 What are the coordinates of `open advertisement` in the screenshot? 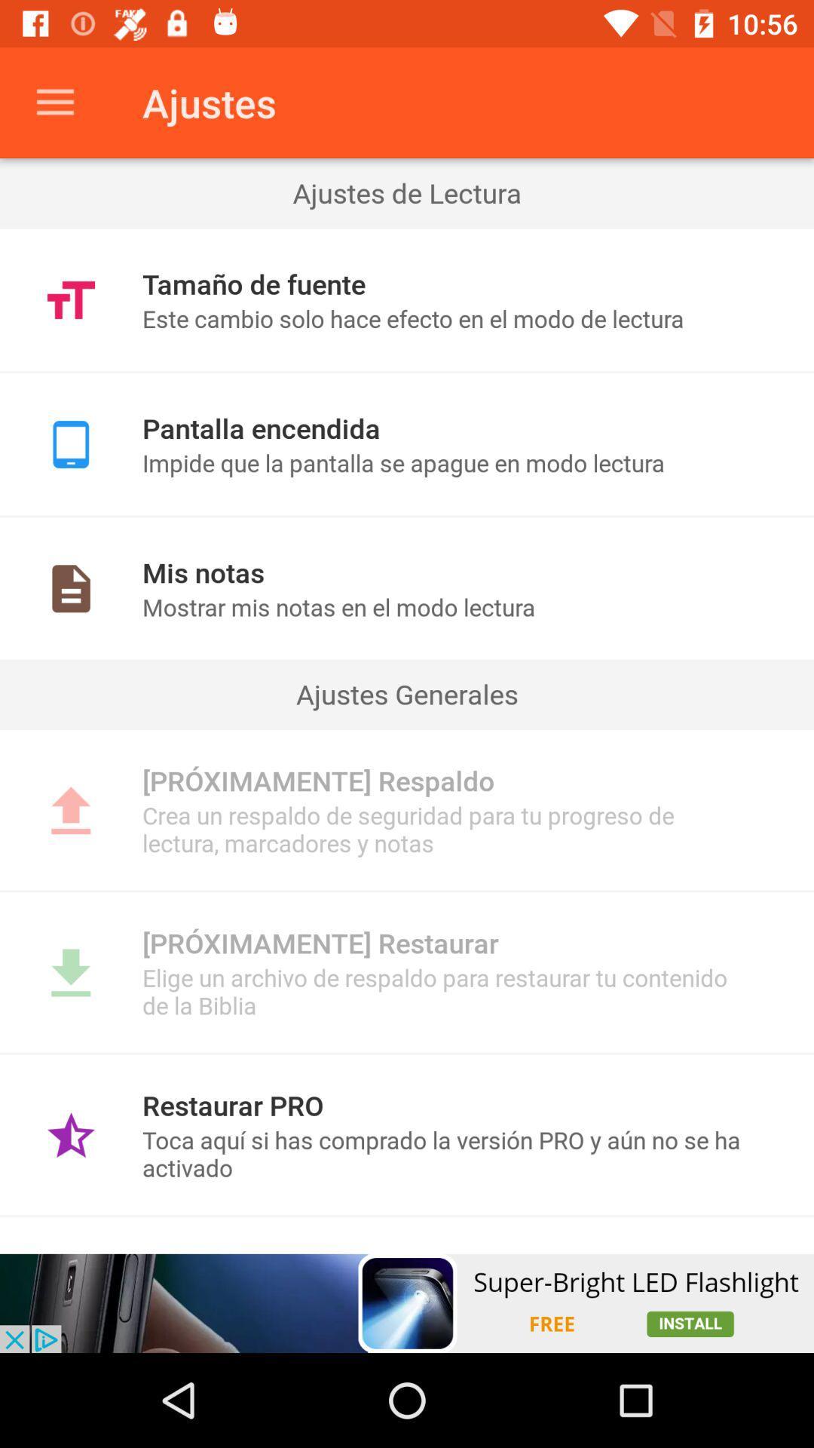 It's located at (407, 1302).